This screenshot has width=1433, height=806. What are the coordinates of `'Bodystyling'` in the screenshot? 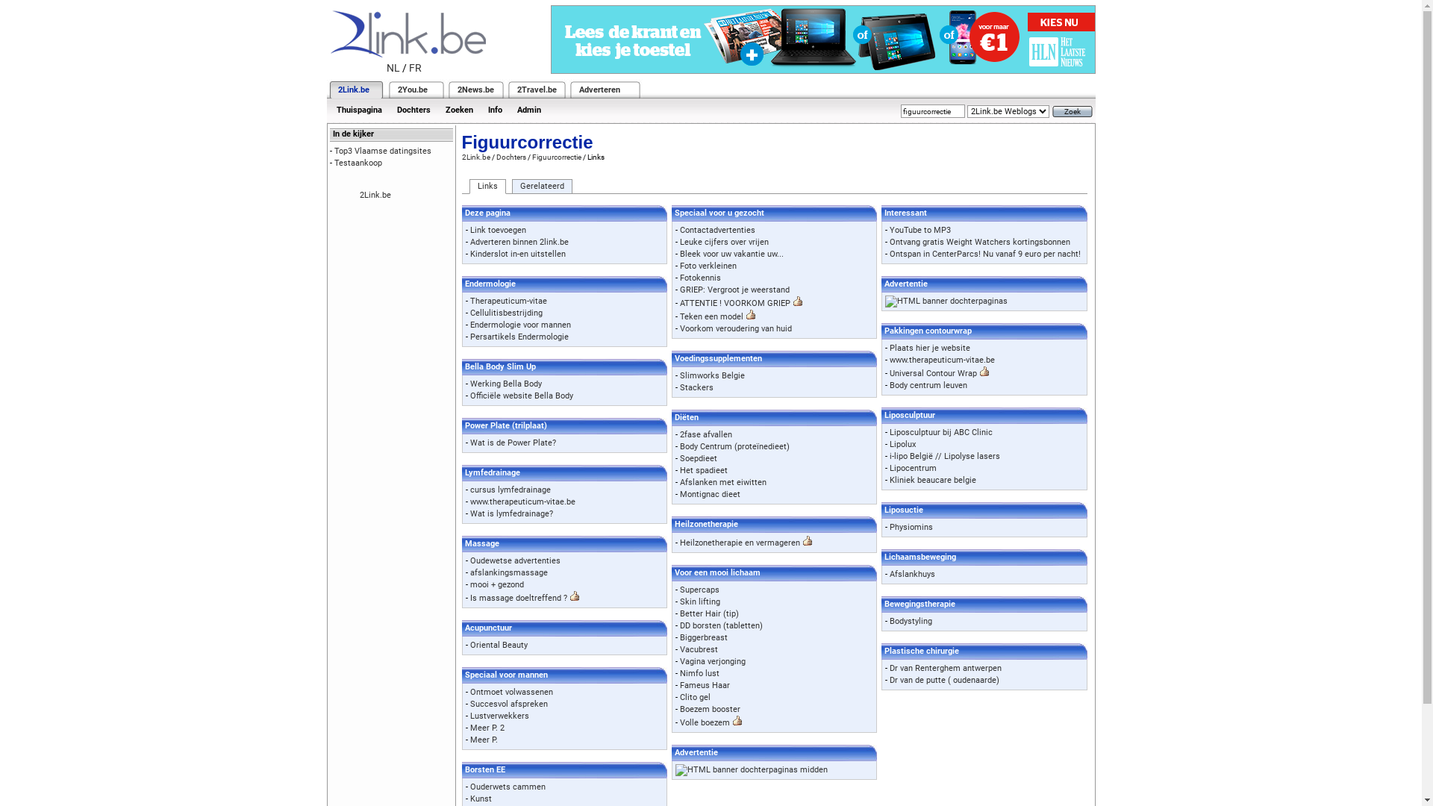 It's located at (910, 621).